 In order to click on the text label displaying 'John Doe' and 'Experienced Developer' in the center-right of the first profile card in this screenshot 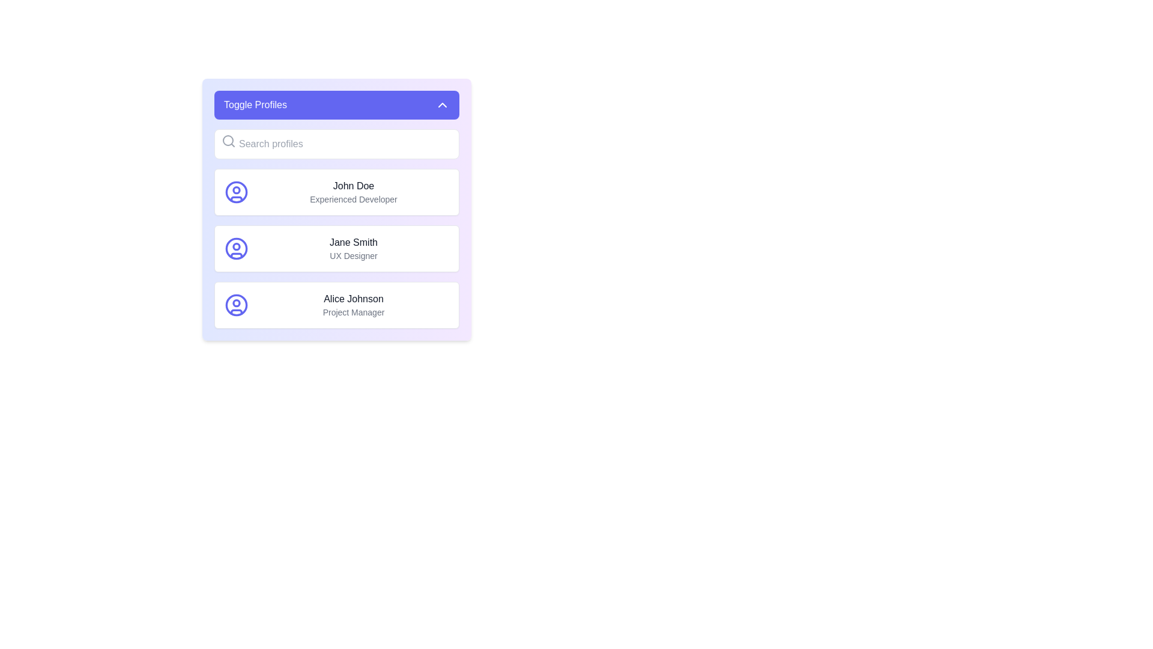, I will do `click(353, 192)`.